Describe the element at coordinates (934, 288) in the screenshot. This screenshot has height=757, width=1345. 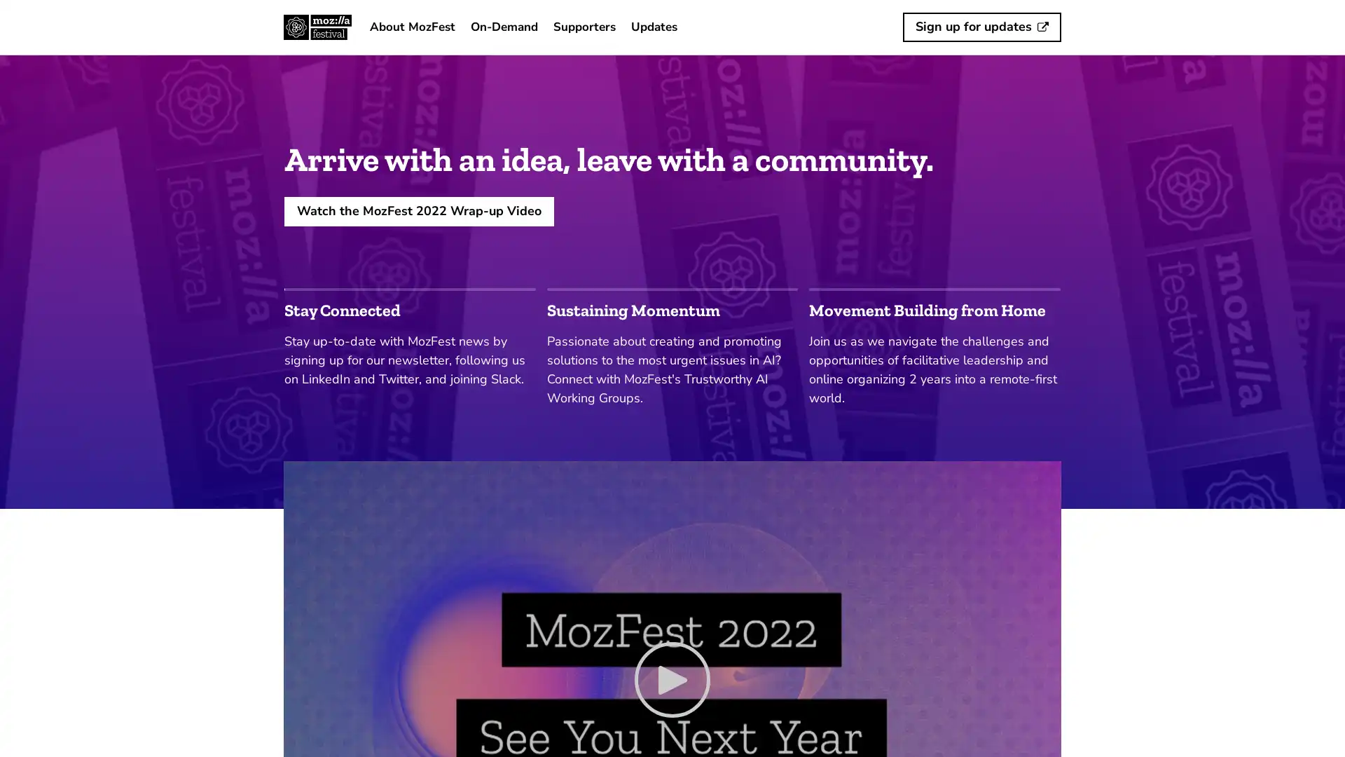
I see `Go to slide 3` at that location.